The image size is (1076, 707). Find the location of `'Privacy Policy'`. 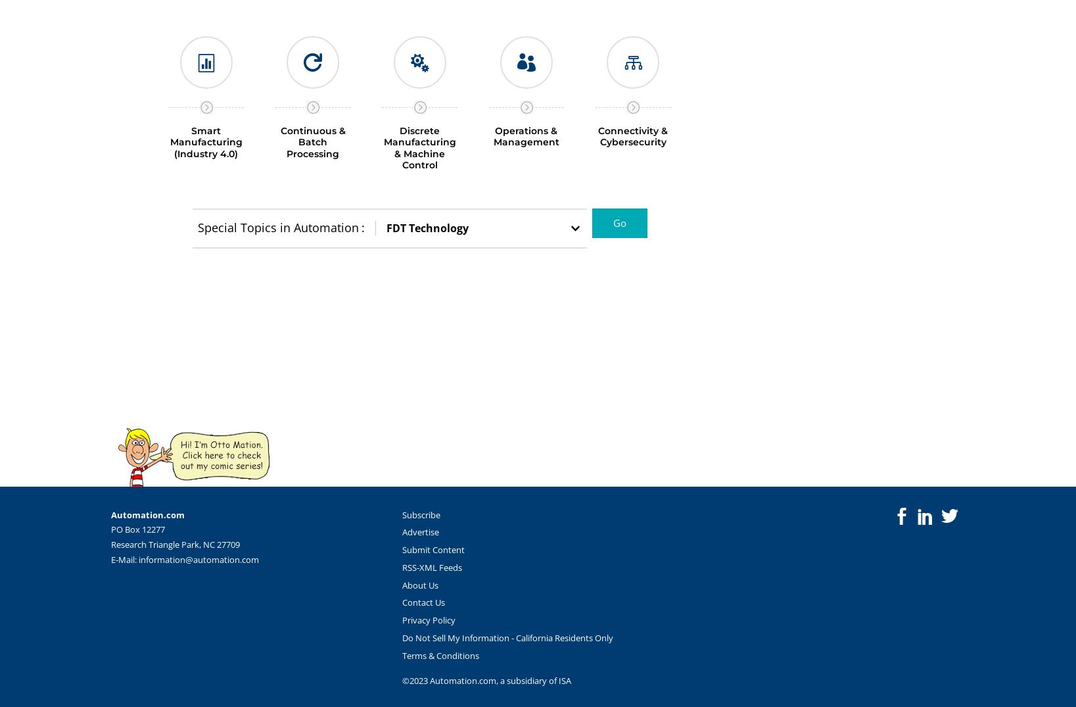

'Privacy Policy' is located at coordinates (427, 620).